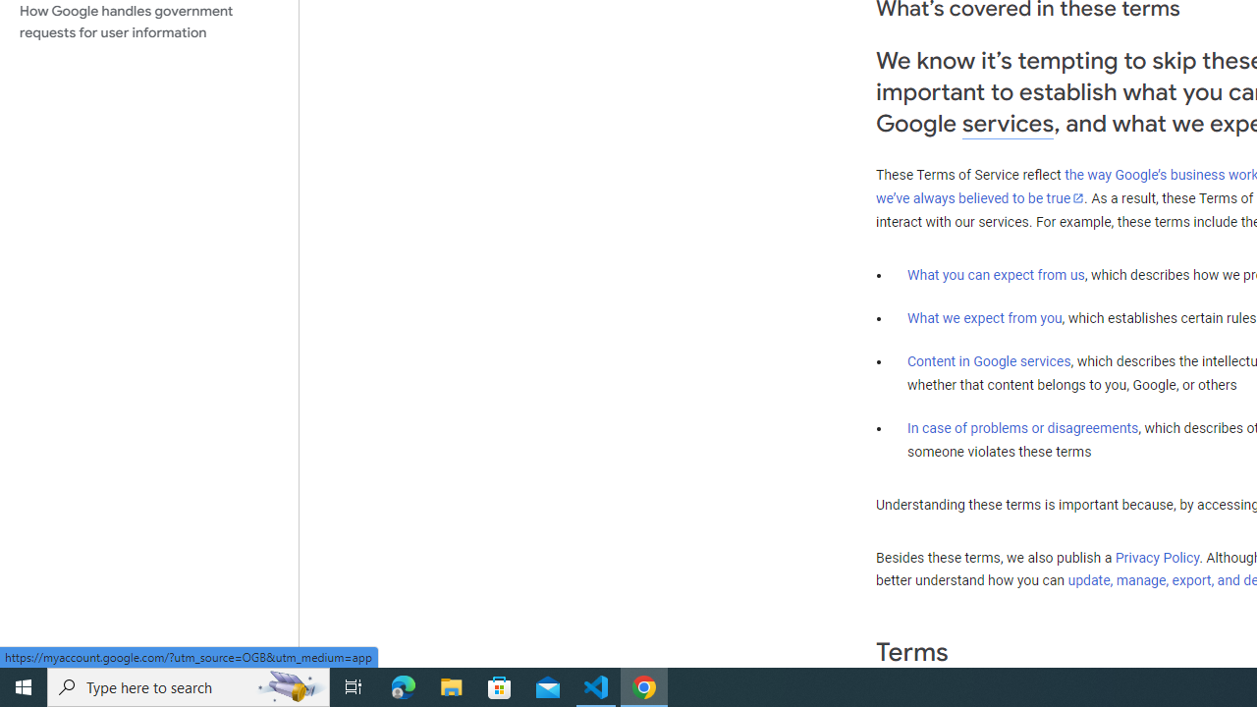 The width and height of the screenshot is (1257, 707). Describe the element at coordinates (996, 274) in the screenshot. I see `'What you can expect from us'` at that location.